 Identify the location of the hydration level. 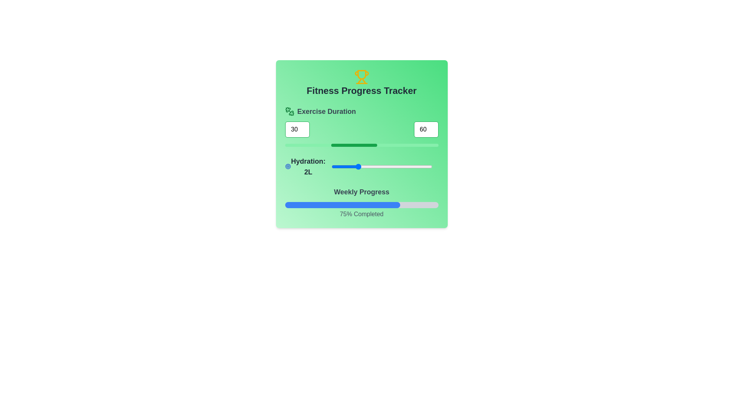
(406, 166).